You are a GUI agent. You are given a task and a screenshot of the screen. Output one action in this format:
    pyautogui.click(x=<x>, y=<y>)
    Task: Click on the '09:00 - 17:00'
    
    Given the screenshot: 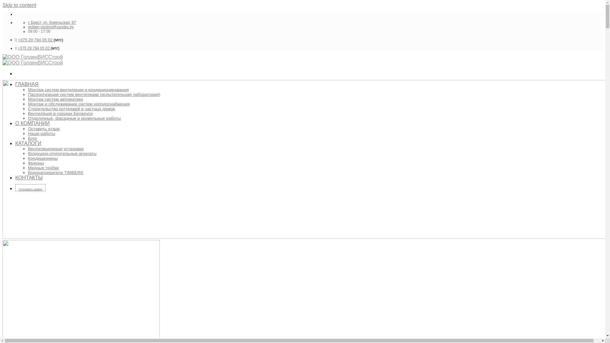 What is the action you would take?
    pyautogui.click(x=27, y=31)
    